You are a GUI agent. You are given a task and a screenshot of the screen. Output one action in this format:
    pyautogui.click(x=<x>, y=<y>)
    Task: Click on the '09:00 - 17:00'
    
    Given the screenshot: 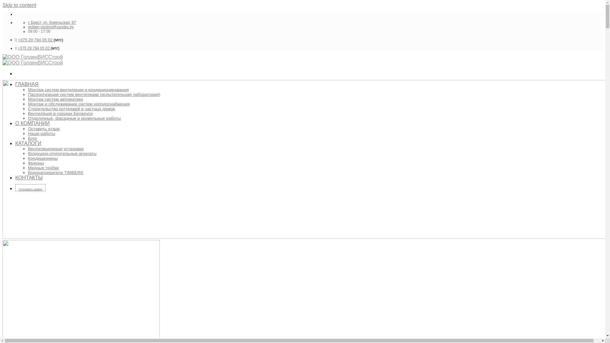 What is the action you would take?
    pyautogui.click(x=27, y=31)
    